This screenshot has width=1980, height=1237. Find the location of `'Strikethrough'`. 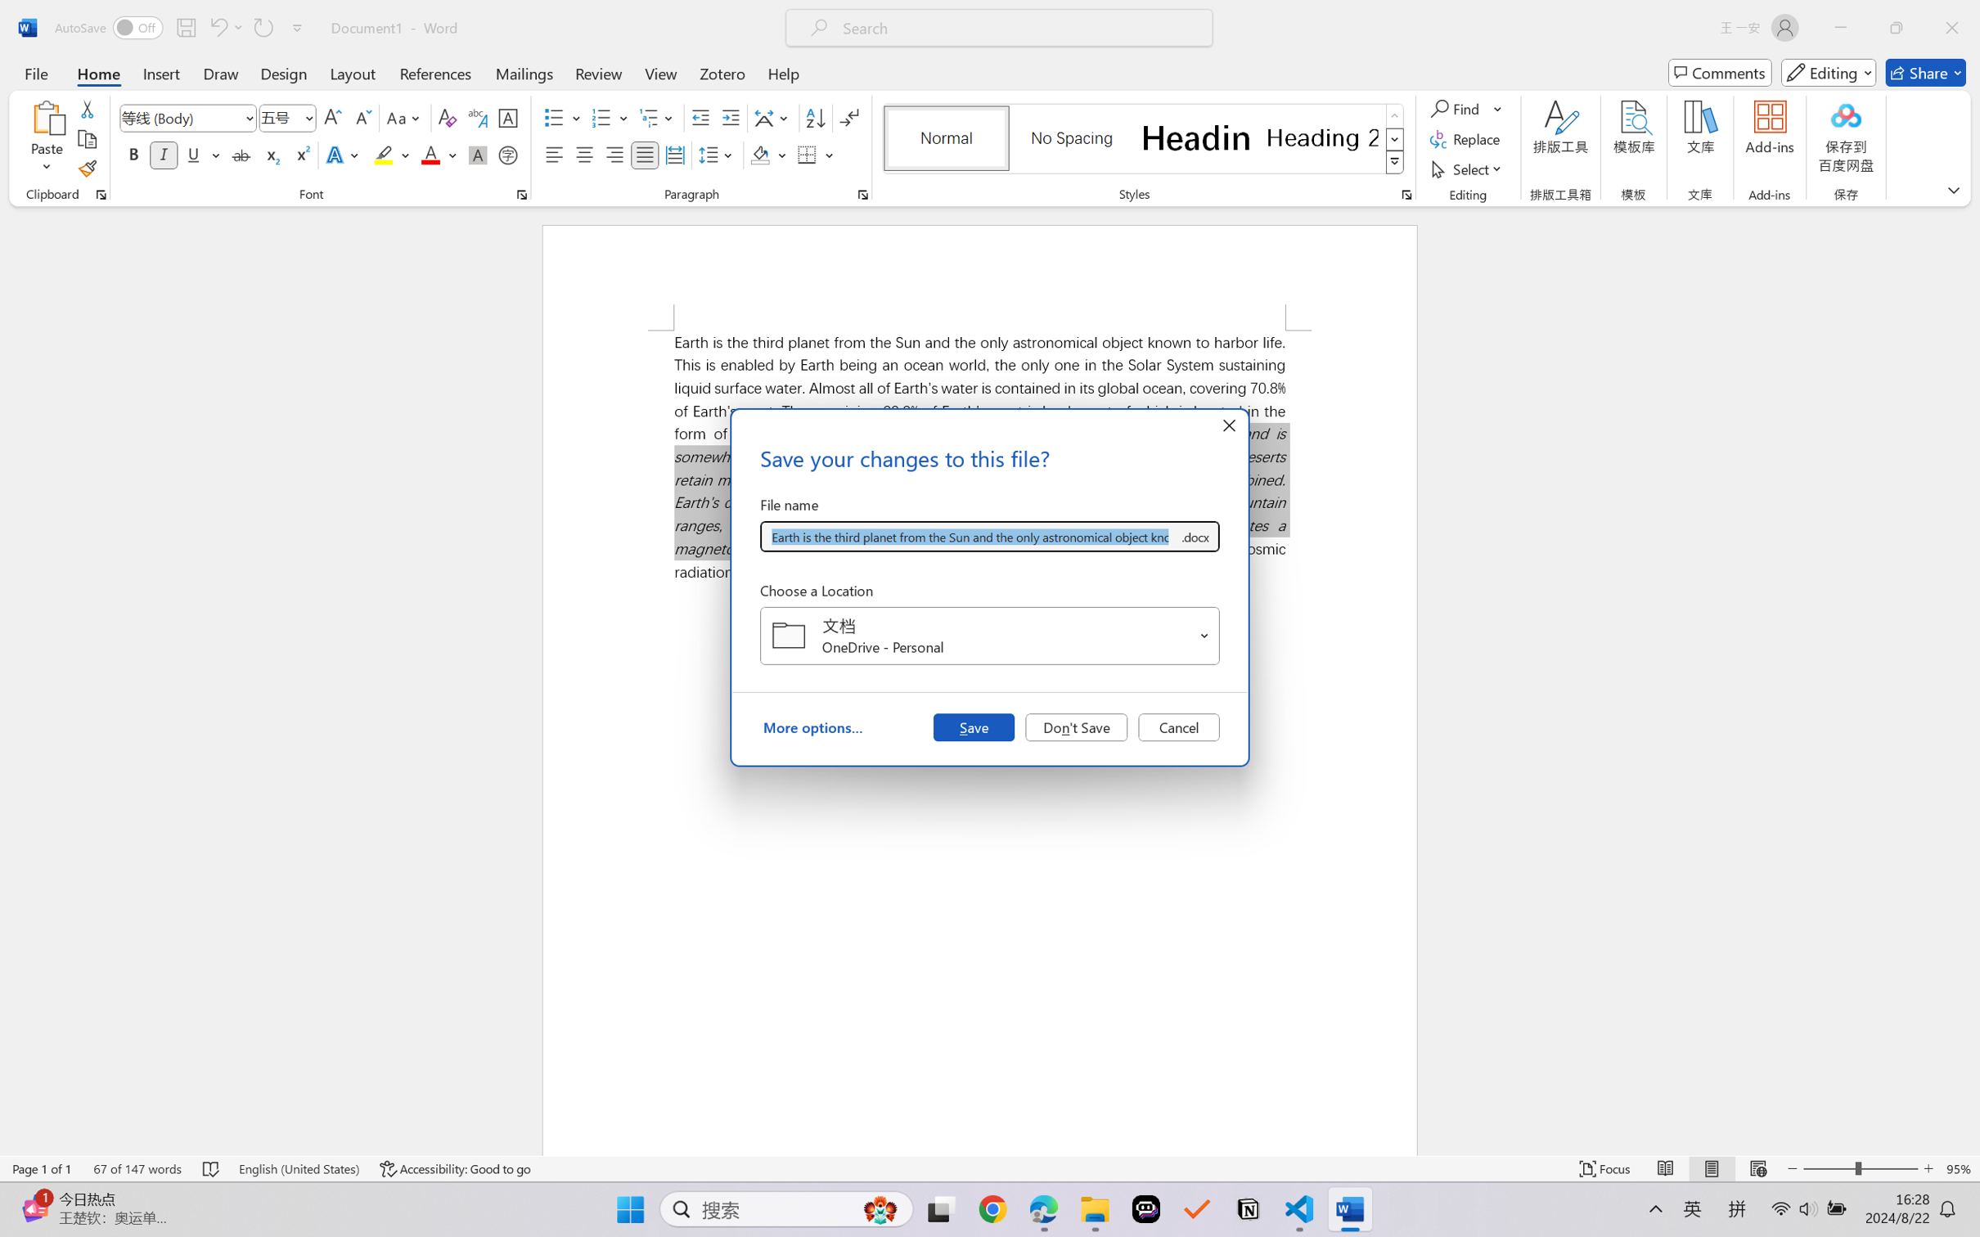

'Strikethrough' is located at coordinates (241, 154).